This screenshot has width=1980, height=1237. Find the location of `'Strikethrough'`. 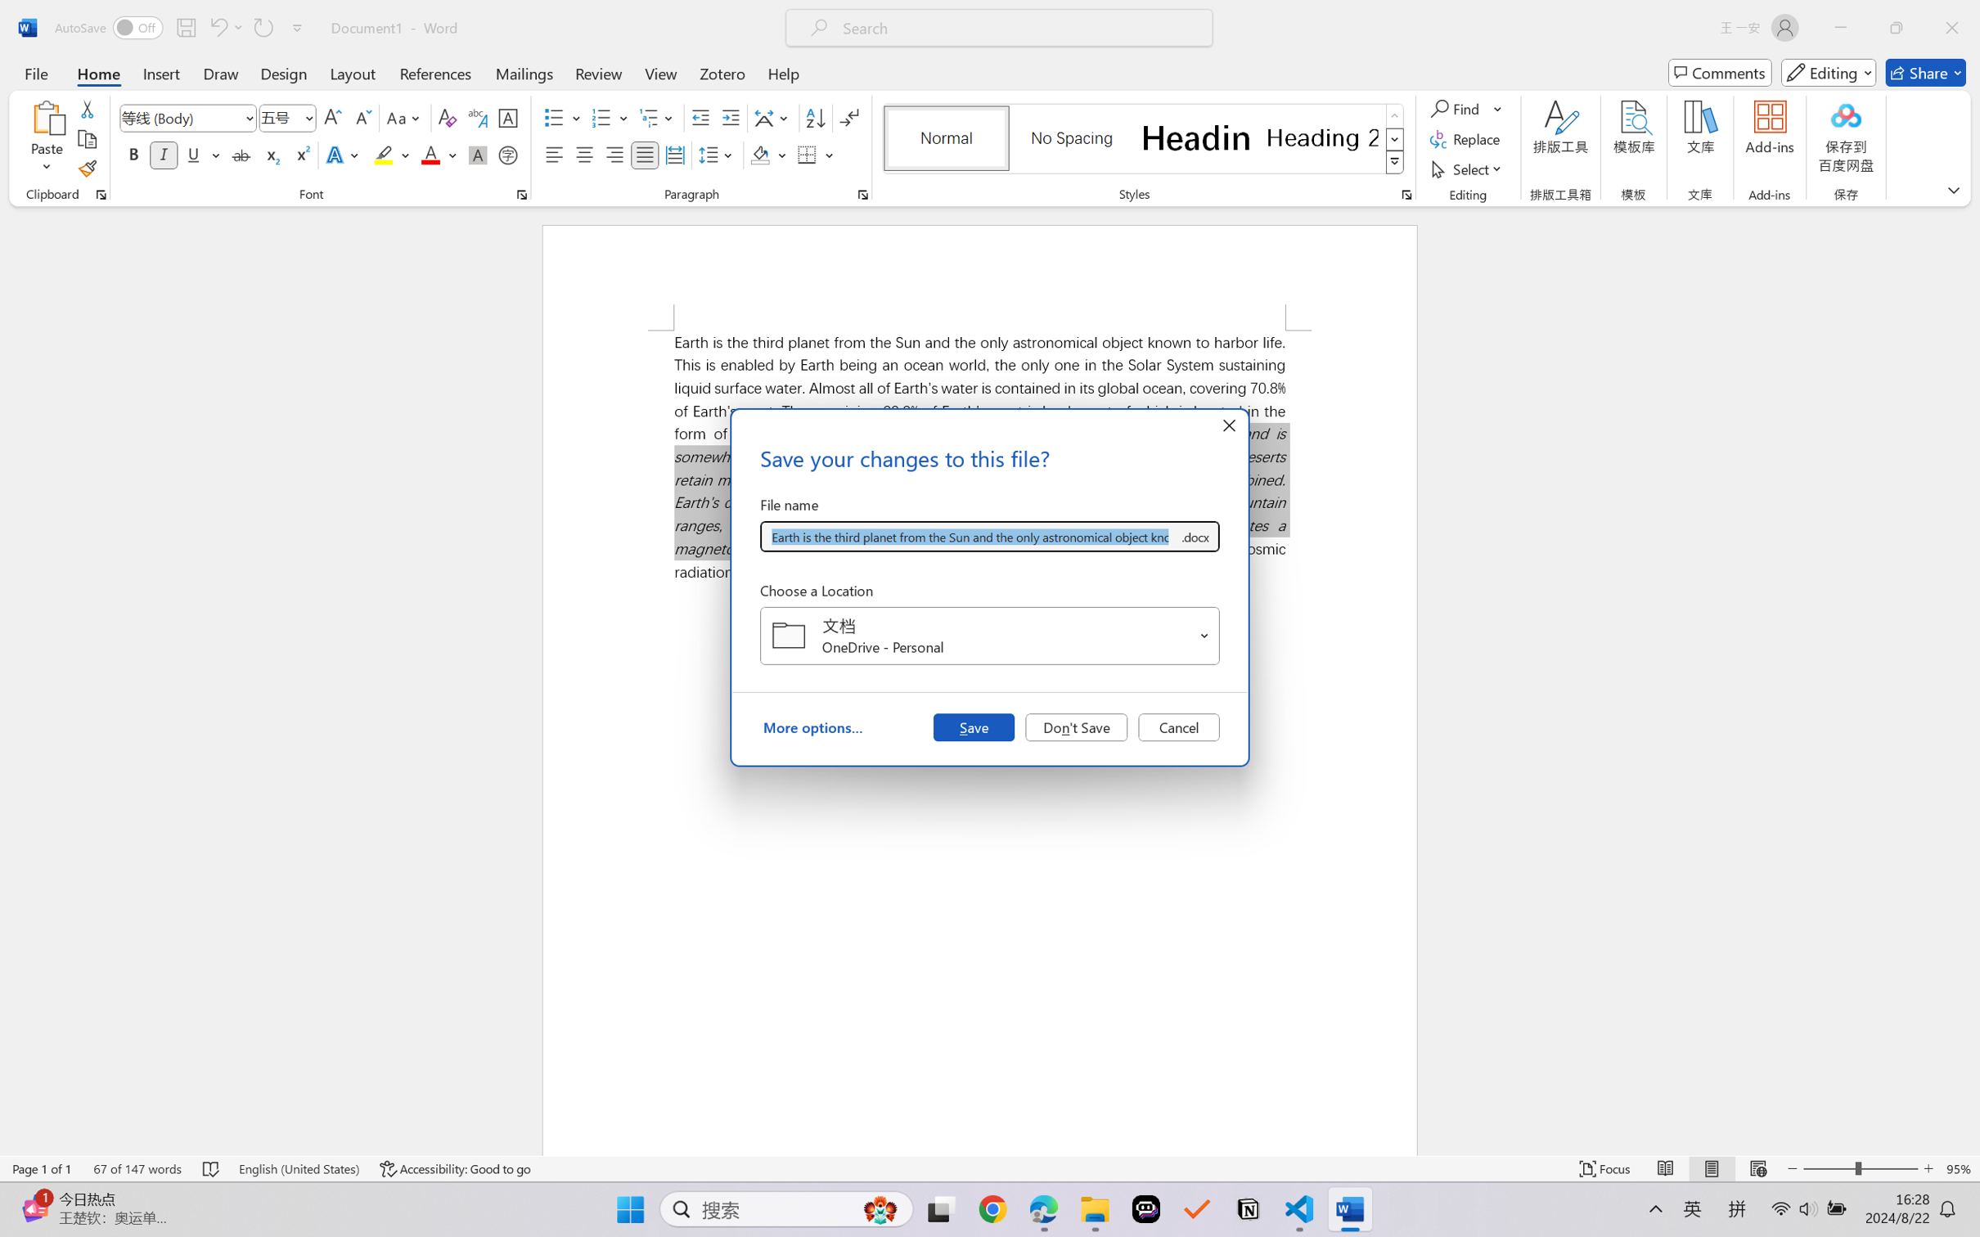

'Strikethrough' is located at coordinates (241, 154).